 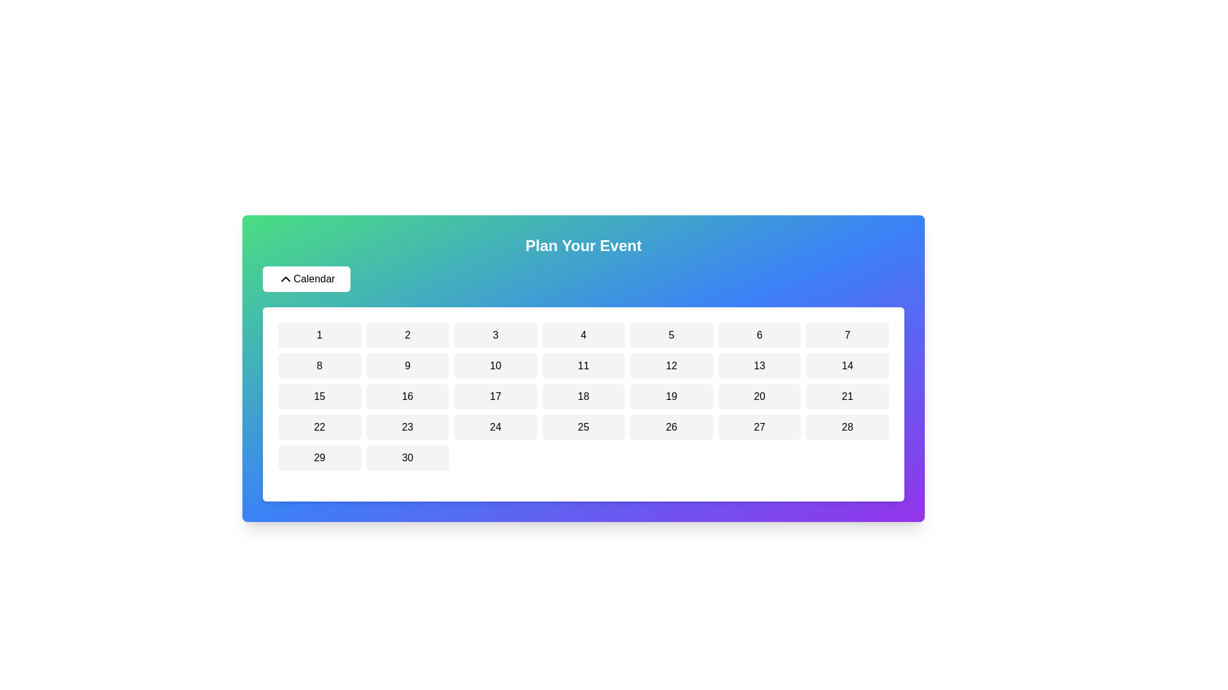 What do you see at coordinates (671, 427) in the screenshot?
I see `the button representing the date '26' in the calendar interface, located in the sixth row and fourth column of the grid layout under the section 'Plan Your Event'` at bounding box center [671, 427].